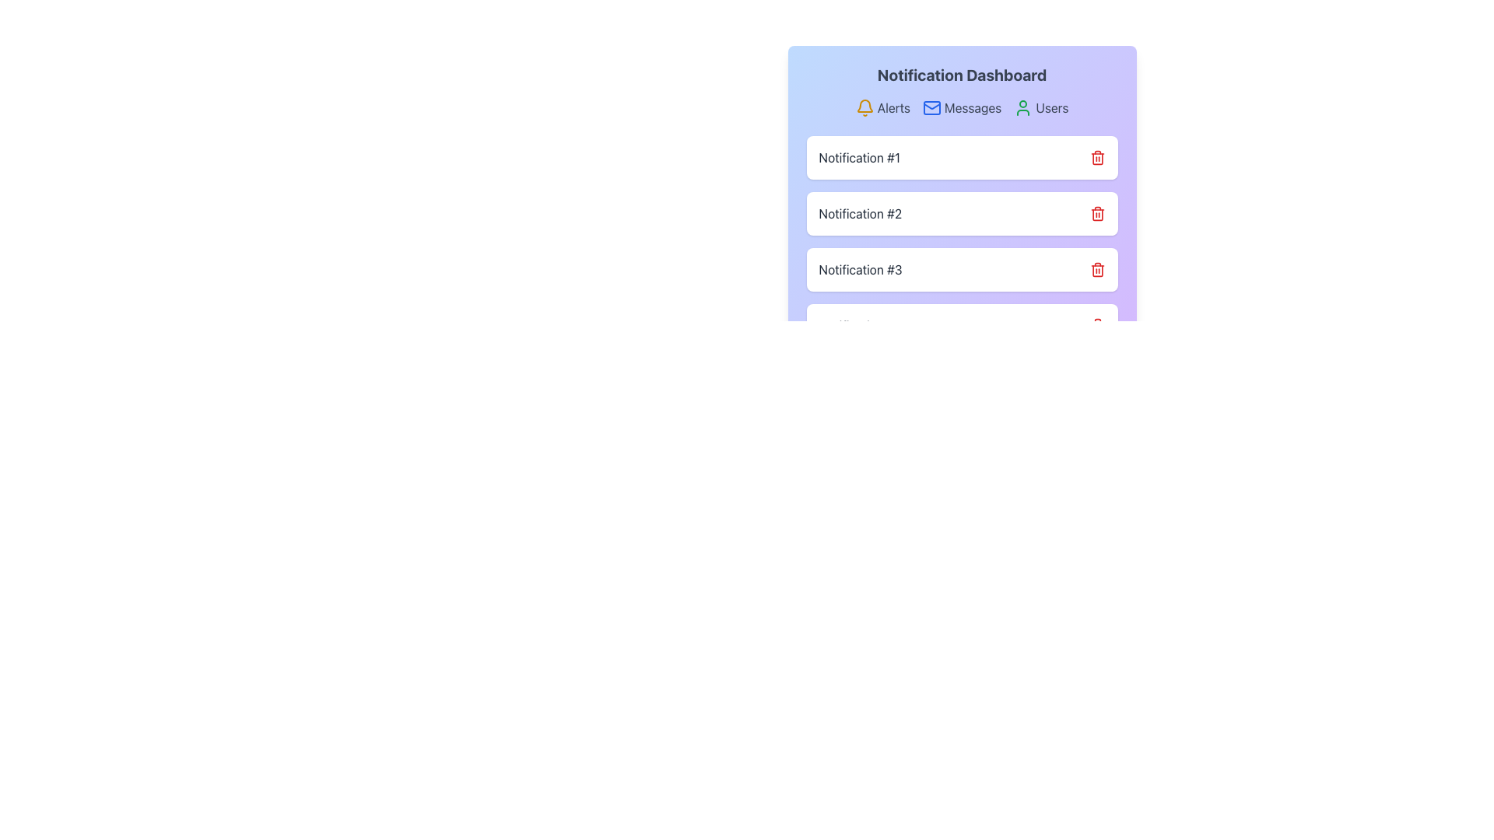 The width and height of the screenshot is (1494, 840). Describe the element at coordinates (858, 158) in the screenshot. I see `the text label that displays the title or identifier of the notification located centrally within the notification card` at that location.